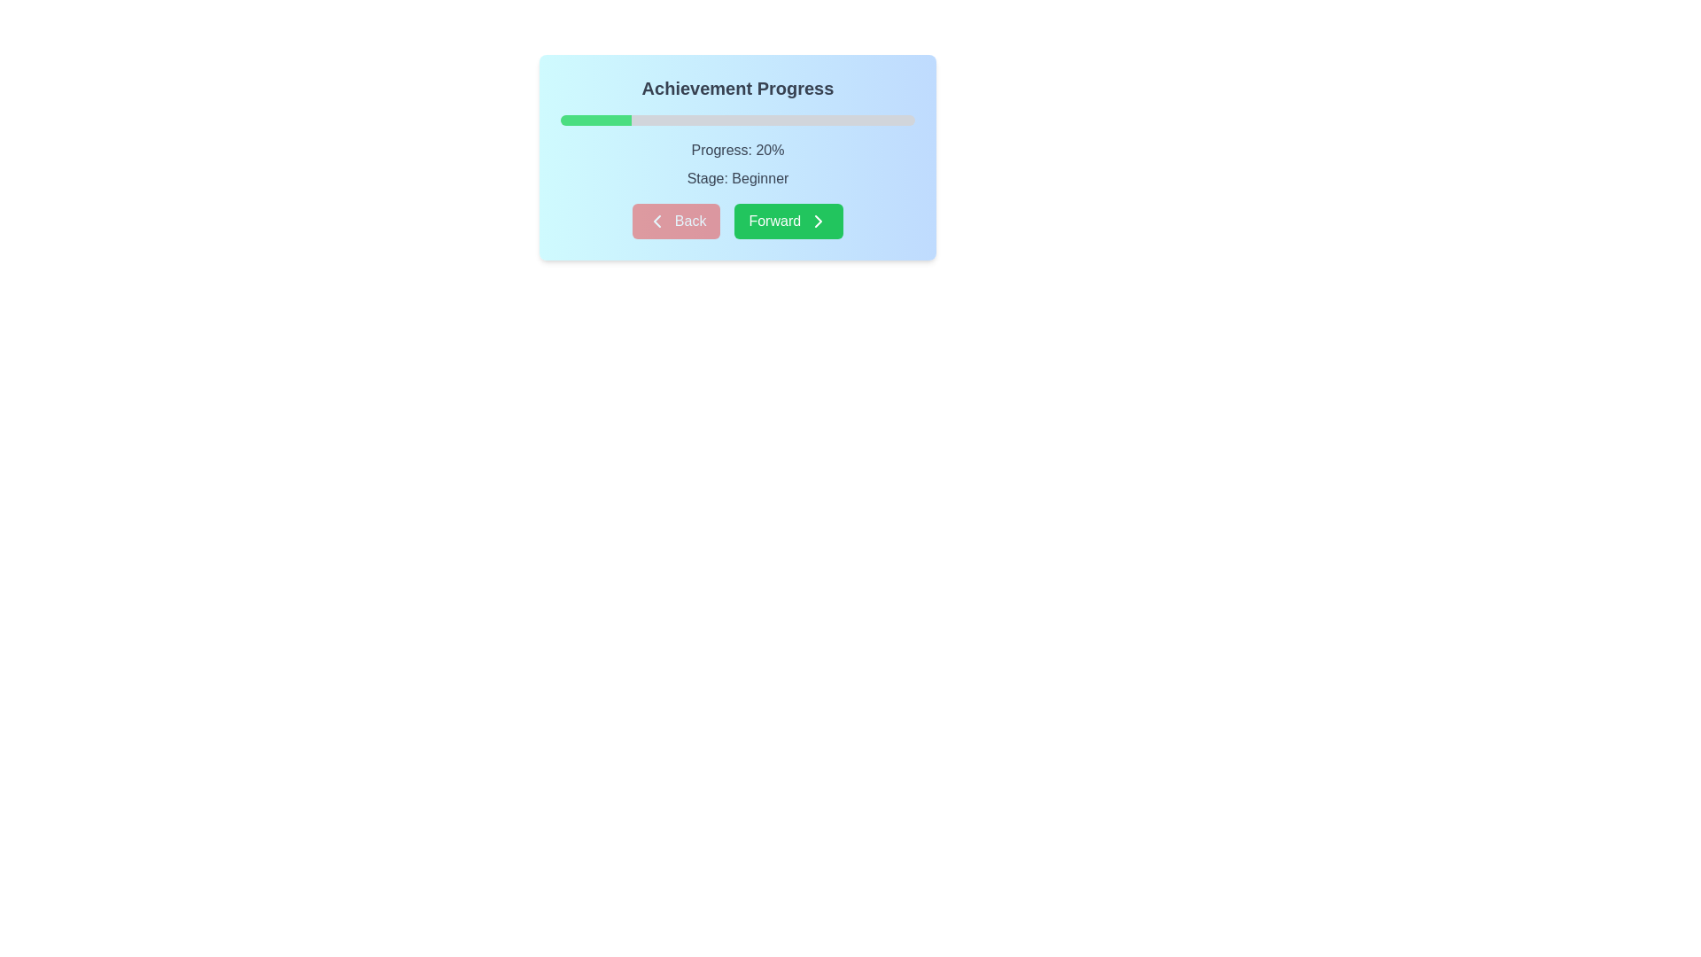 This screenshot has height=957, width=1701. What do you see at coordinates (738, 156) in the screenshot?
I see `current progress percentage and the stage information displayed on the Card component with progress tracker functionality, located in the upper-middle section of the modal` at bounding box center [738, 156].